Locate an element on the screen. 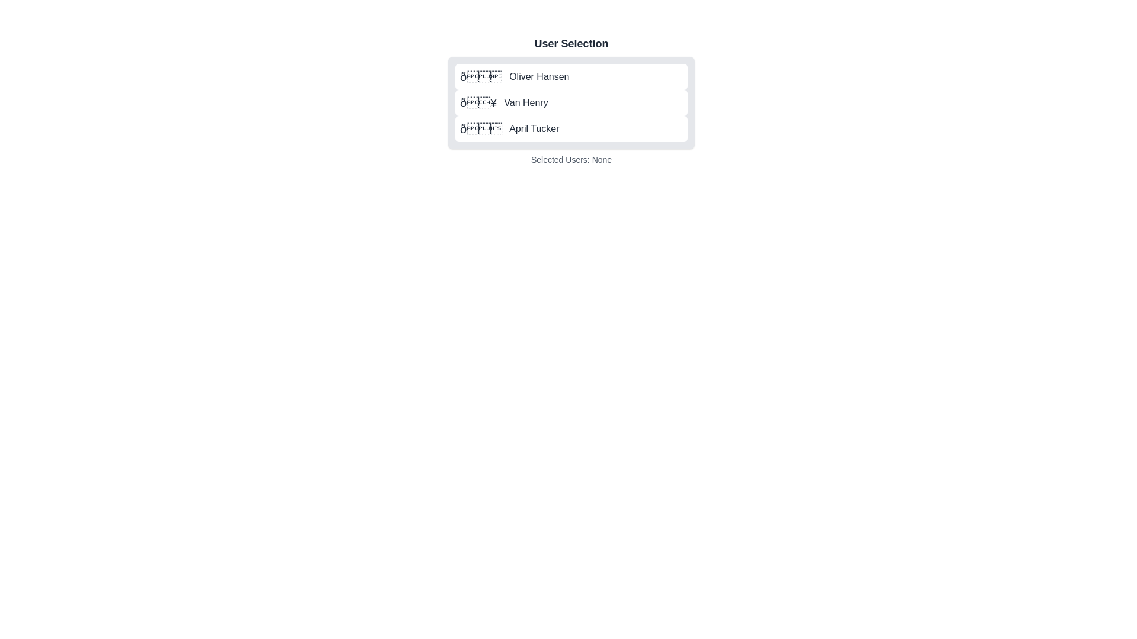 The width and height of the screenshot is (1137, 639). the bold, large font text label reading 'User Selection' located prominently at the top of its group is located at coordinates (571, 43).